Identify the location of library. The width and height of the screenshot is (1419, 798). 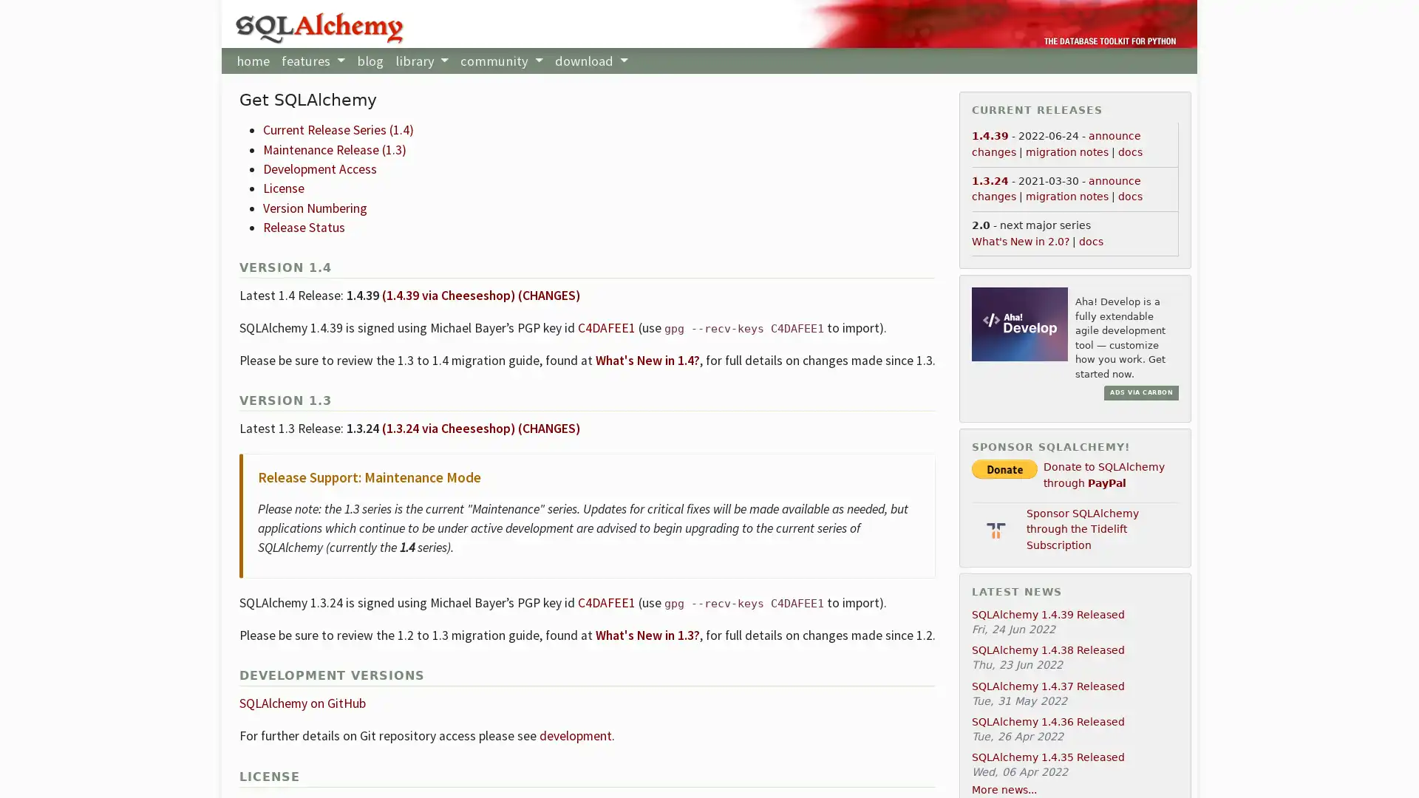
(421, 60).